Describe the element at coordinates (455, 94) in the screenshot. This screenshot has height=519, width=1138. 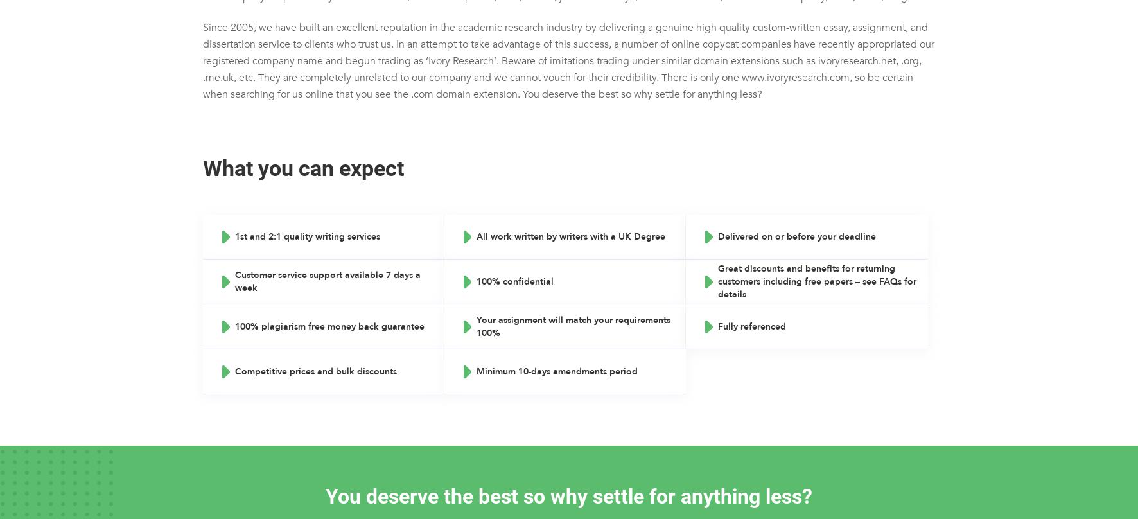
I see `'CV Writing'` at that location.